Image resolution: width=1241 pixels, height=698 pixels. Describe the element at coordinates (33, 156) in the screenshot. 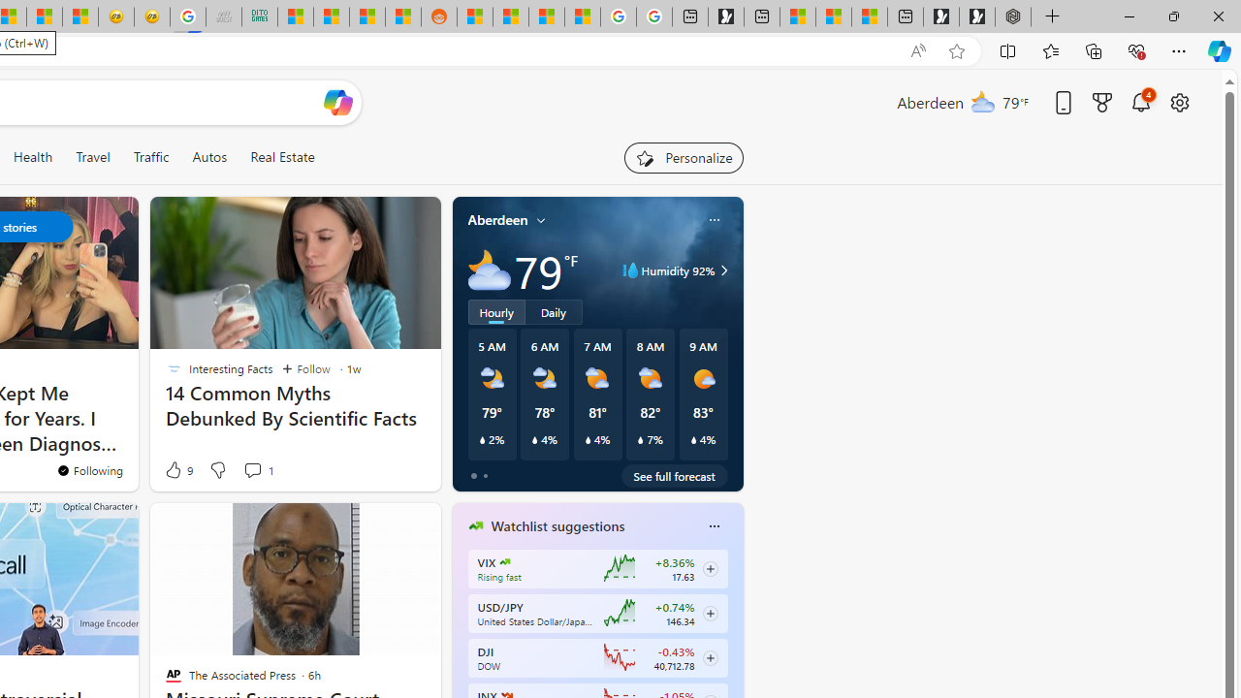

I see `'Health'` at that location.